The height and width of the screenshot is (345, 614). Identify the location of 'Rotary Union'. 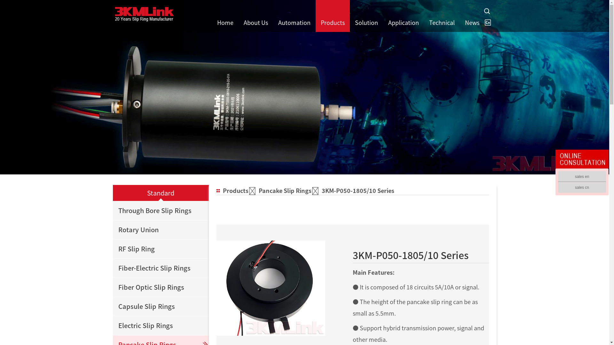
(161, 229).